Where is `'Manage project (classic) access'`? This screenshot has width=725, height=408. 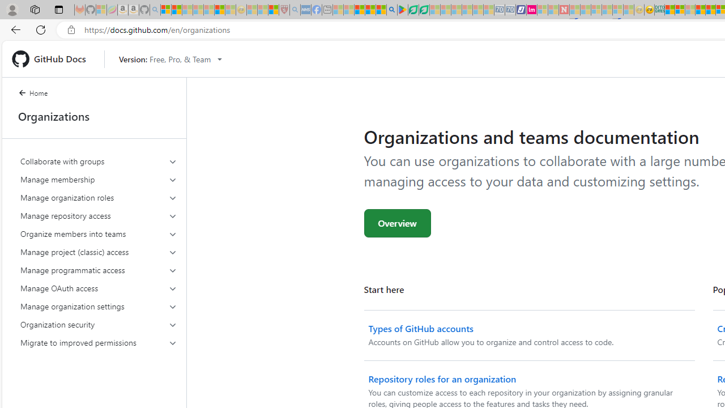 'Manage project (classic) access' is located at coordinates (99, 251).